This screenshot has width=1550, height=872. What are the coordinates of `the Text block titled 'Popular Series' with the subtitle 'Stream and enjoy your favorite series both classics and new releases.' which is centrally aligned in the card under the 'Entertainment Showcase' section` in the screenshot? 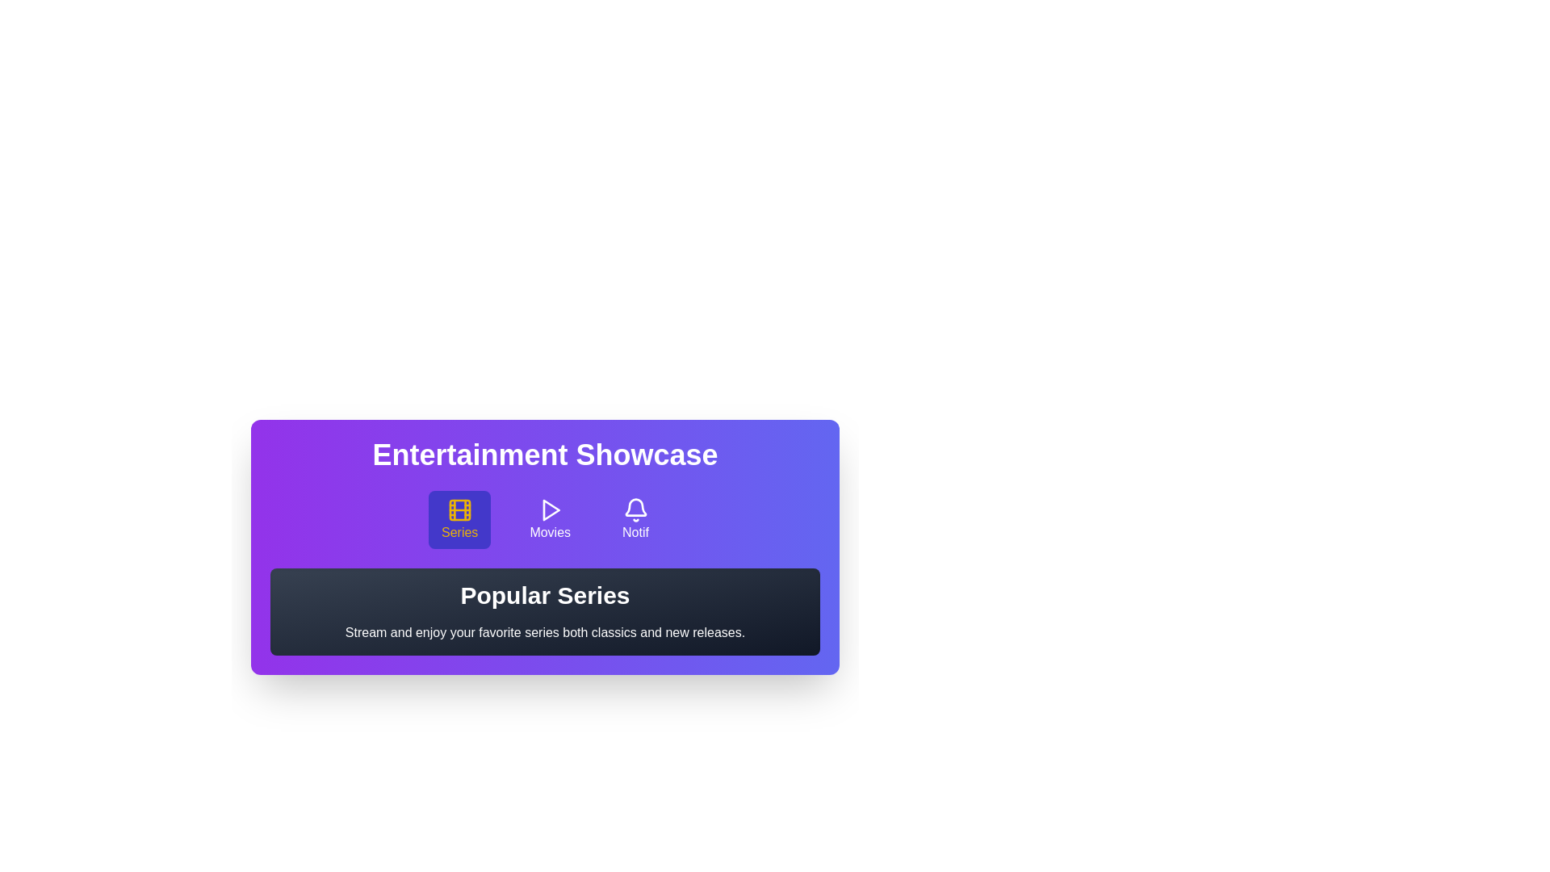 It's located at (545, 612).